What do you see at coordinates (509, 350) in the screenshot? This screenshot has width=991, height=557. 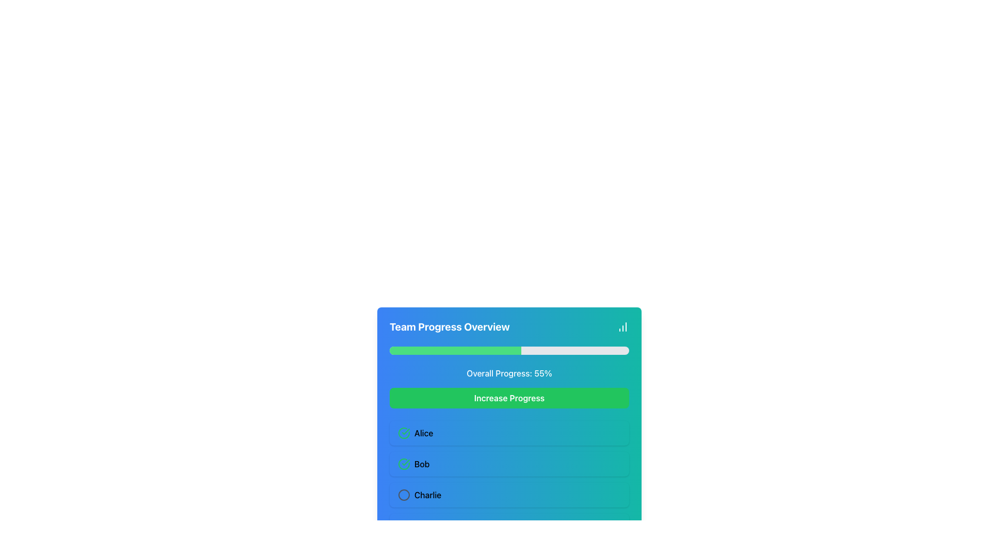 I see `the Progress Bar element located in the 'Team Progress Overview' card, which visually represents the current completion percentage of the task` at bounding box center [509, 350].